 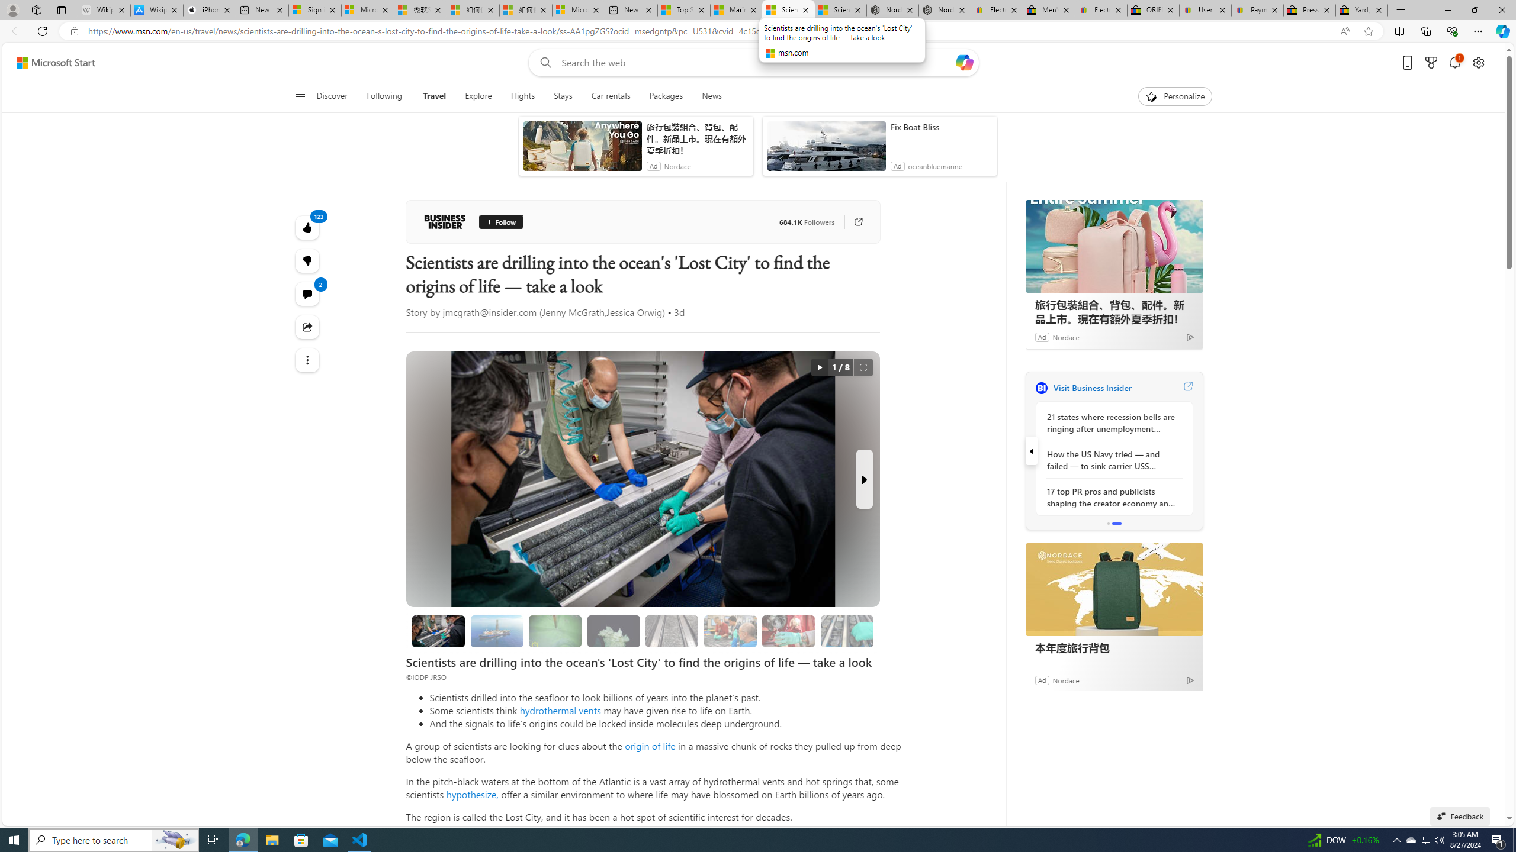 What do you see at coordinates (478, 96) in the screenshot?
I see `'Explore'` at bounding box center [478, 96].